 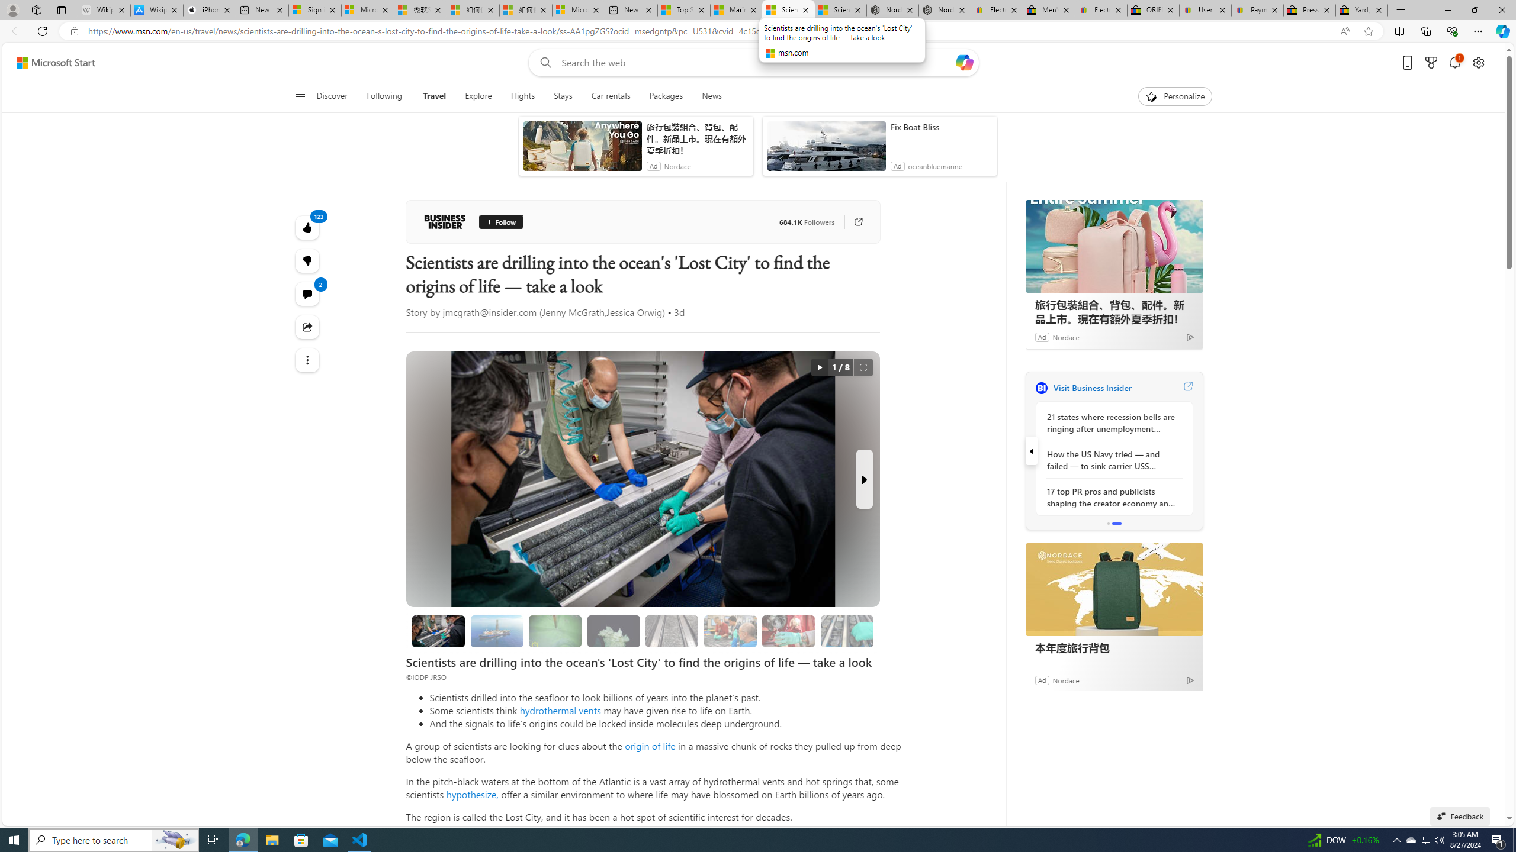 What do you see at coordinates (478, 96) in the screenshot?
I see `'Explore'` at bounding box center [478, 96].